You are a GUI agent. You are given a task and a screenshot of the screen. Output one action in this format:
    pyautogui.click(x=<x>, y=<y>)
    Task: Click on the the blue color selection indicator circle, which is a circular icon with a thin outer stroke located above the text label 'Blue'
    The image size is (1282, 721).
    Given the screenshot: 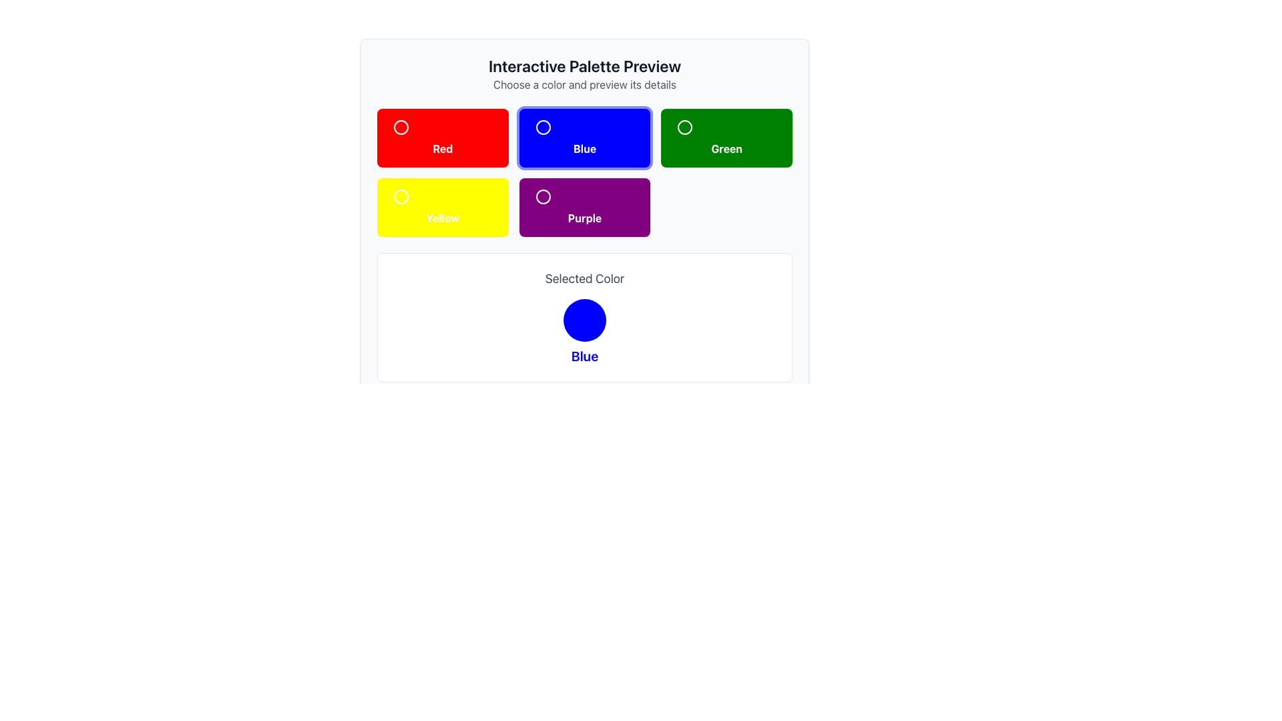 What is the action you would take?
    pyautogui.click(x=543, y=128)
    